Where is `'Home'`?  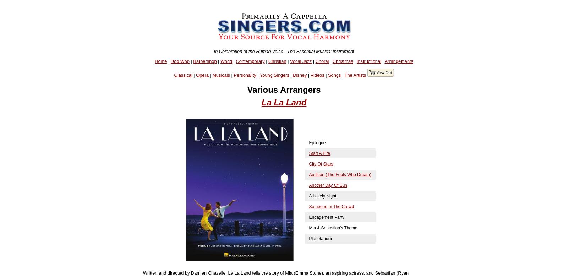 'Home' is located at coordinates (154, 61).